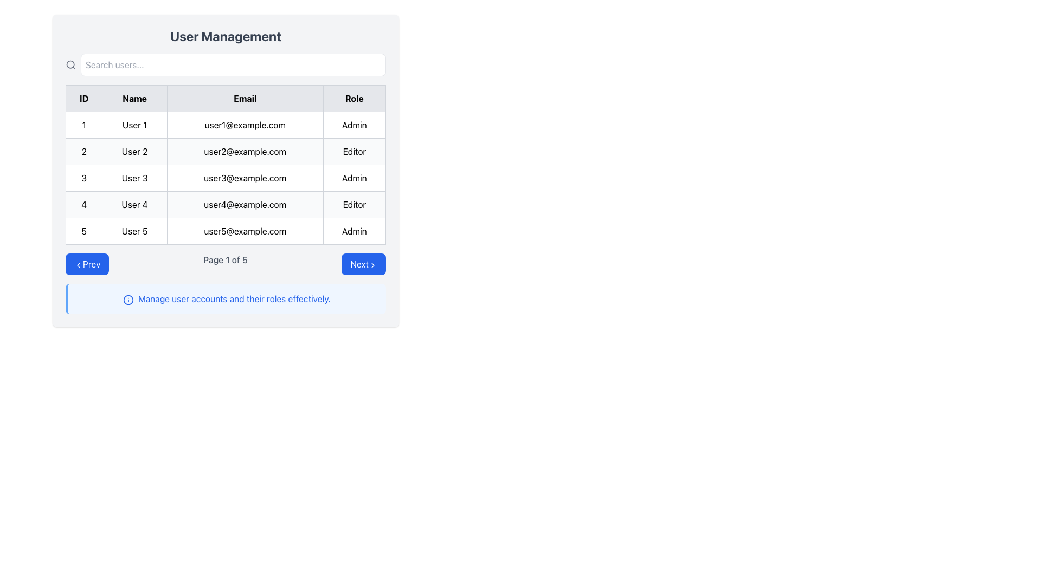 The height and width of the screenshot is (585, 1041). What do you see at coordinates (134, 231) in the screenshot?
I see `the table cell containing 'User 5', which is the second cell in the fifth row of the table layout` at bounding box center [134, 231].